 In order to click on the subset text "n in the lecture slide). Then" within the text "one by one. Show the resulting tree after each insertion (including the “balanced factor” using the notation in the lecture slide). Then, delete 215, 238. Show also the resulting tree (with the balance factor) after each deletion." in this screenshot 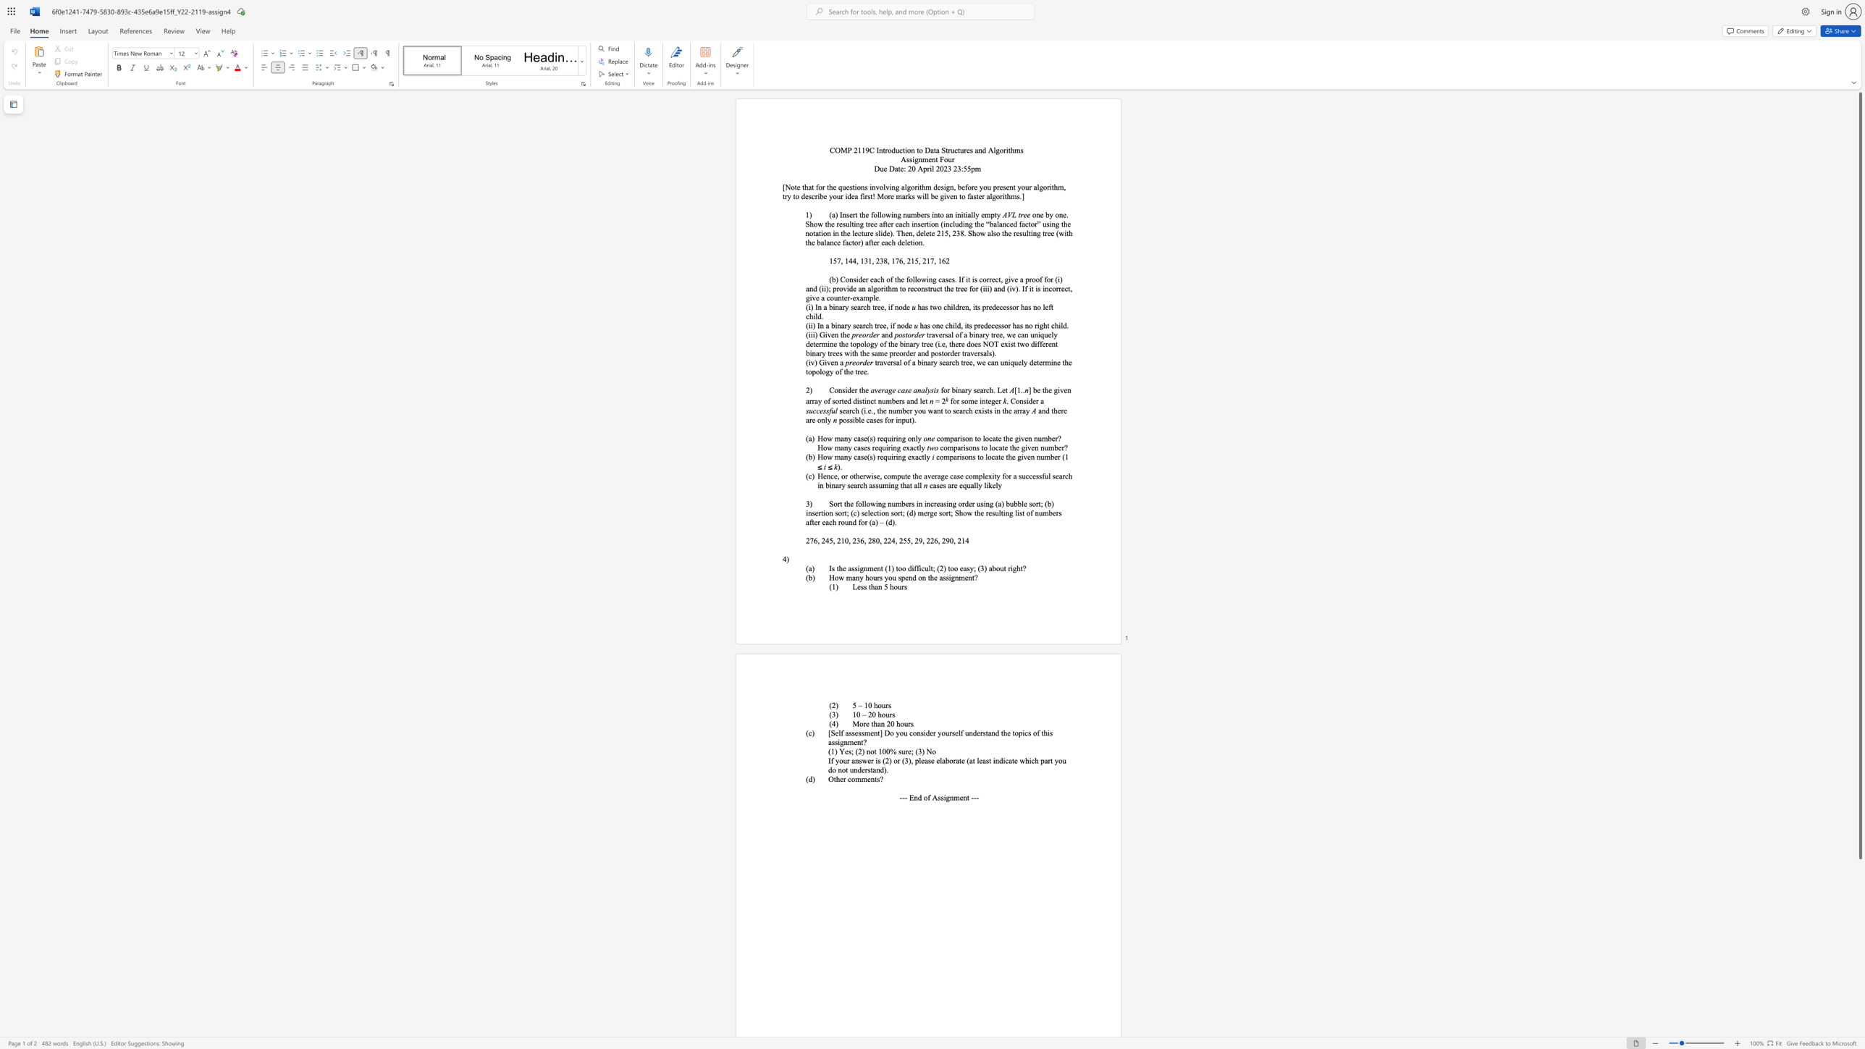, I will do `click(826, 232)`.